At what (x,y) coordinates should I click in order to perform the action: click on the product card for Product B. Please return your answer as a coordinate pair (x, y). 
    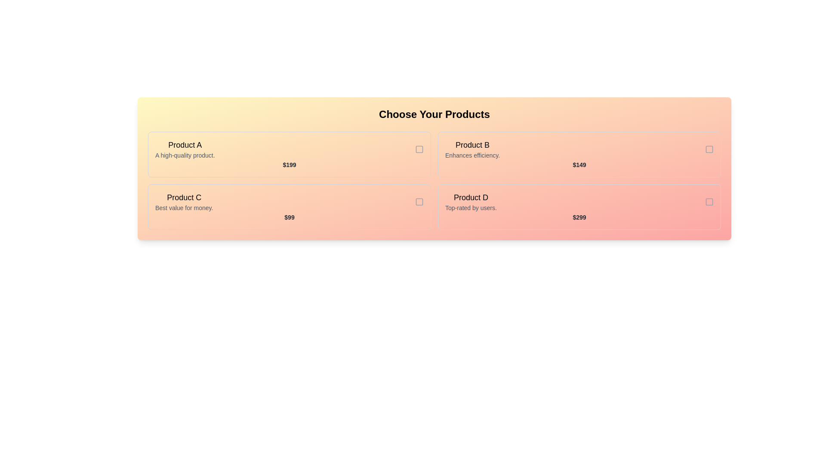
    Looking at the image, I should click on (579, 154).